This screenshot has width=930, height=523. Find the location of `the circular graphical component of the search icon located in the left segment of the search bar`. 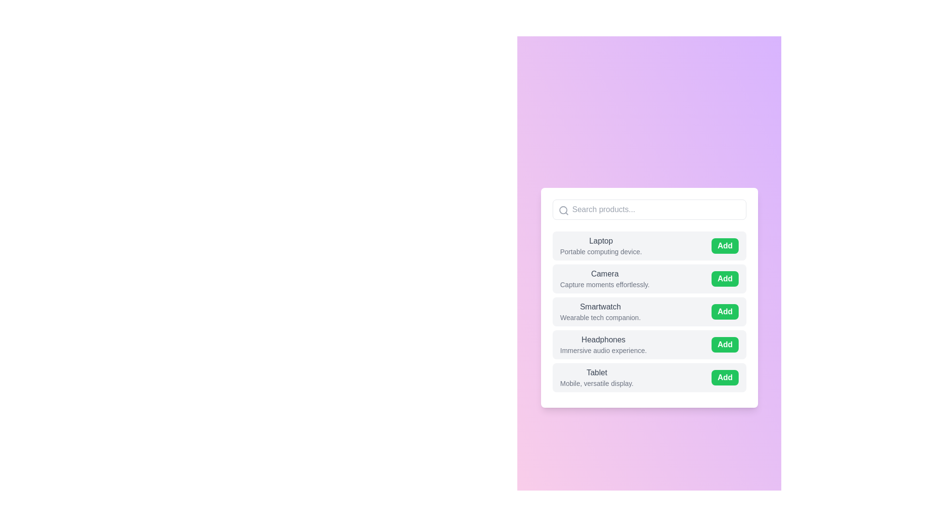

the circular graphical component of the search icon located in the left segment of the search bar is located at coordinates (563, 210).